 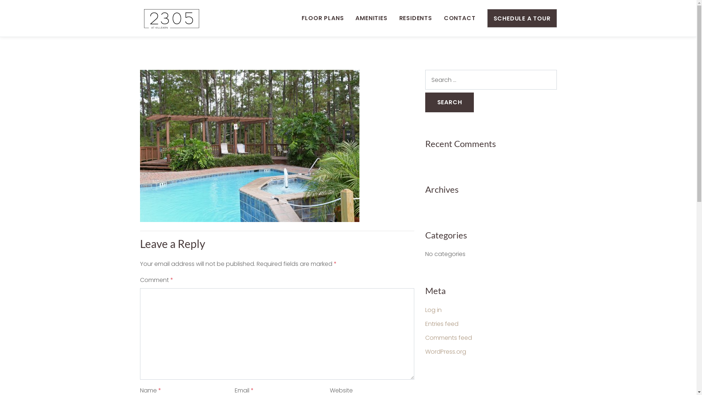 I want to click on 'AMENITIES', so click(x=371, y=18).